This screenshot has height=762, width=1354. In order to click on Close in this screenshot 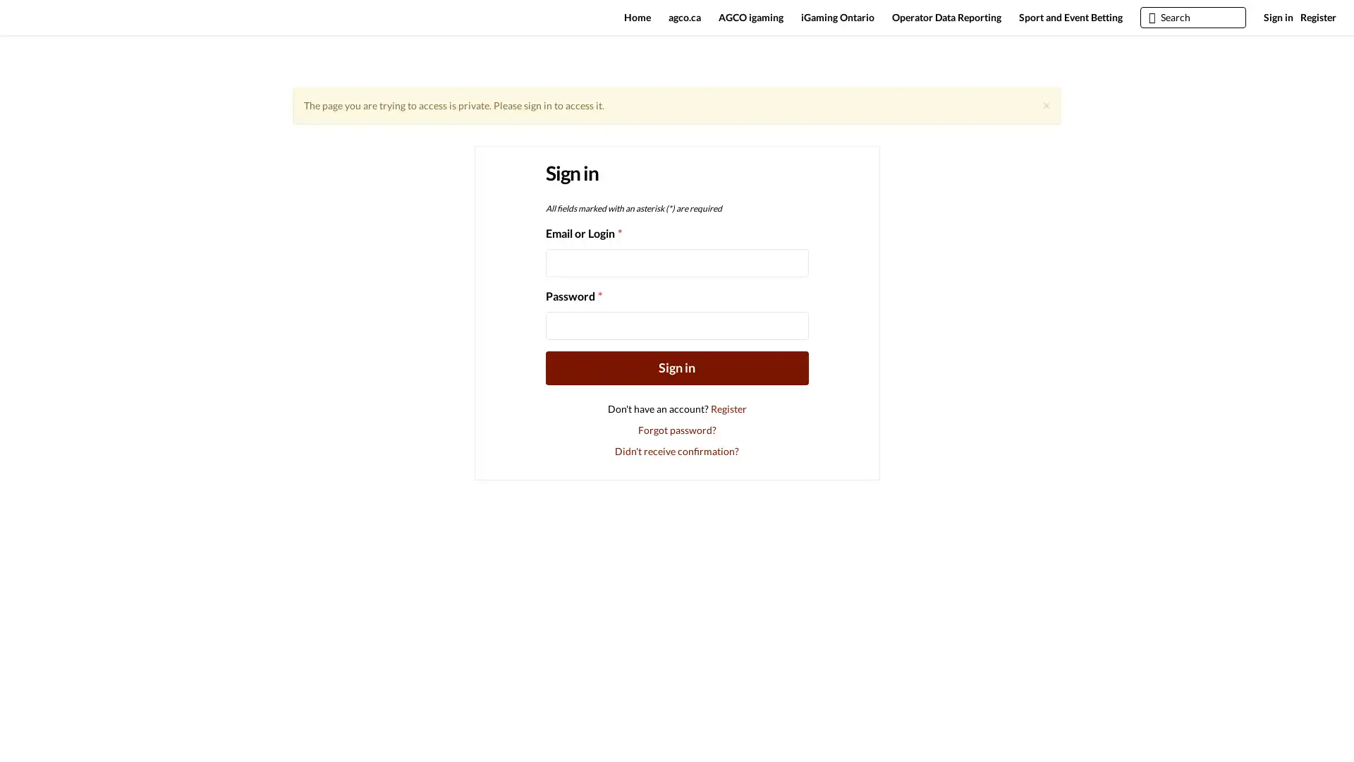, I will do `click(1046, 111)`.